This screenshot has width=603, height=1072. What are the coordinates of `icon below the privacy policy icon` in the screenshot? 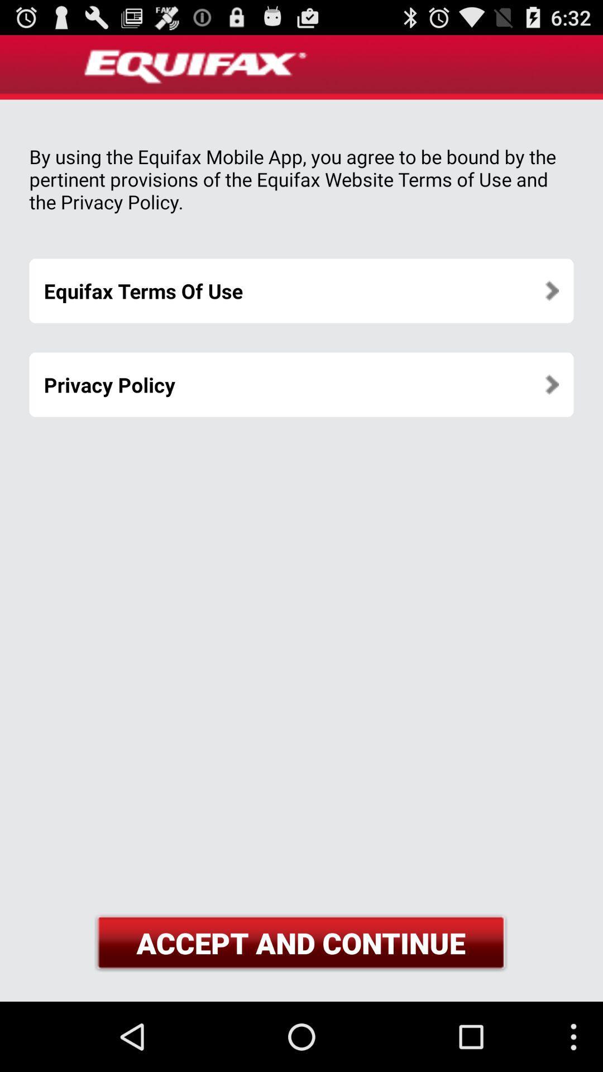 It's located at (300, 942).